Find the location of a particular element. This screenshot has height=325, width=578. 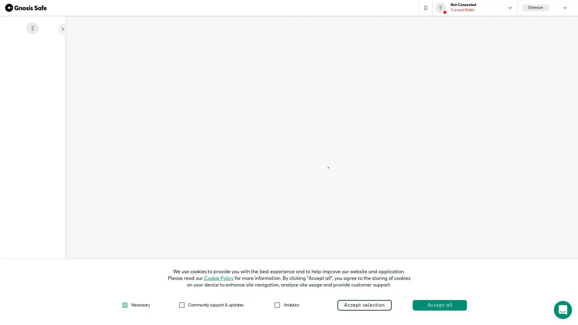

What's new is located at coordinates (32, 301).